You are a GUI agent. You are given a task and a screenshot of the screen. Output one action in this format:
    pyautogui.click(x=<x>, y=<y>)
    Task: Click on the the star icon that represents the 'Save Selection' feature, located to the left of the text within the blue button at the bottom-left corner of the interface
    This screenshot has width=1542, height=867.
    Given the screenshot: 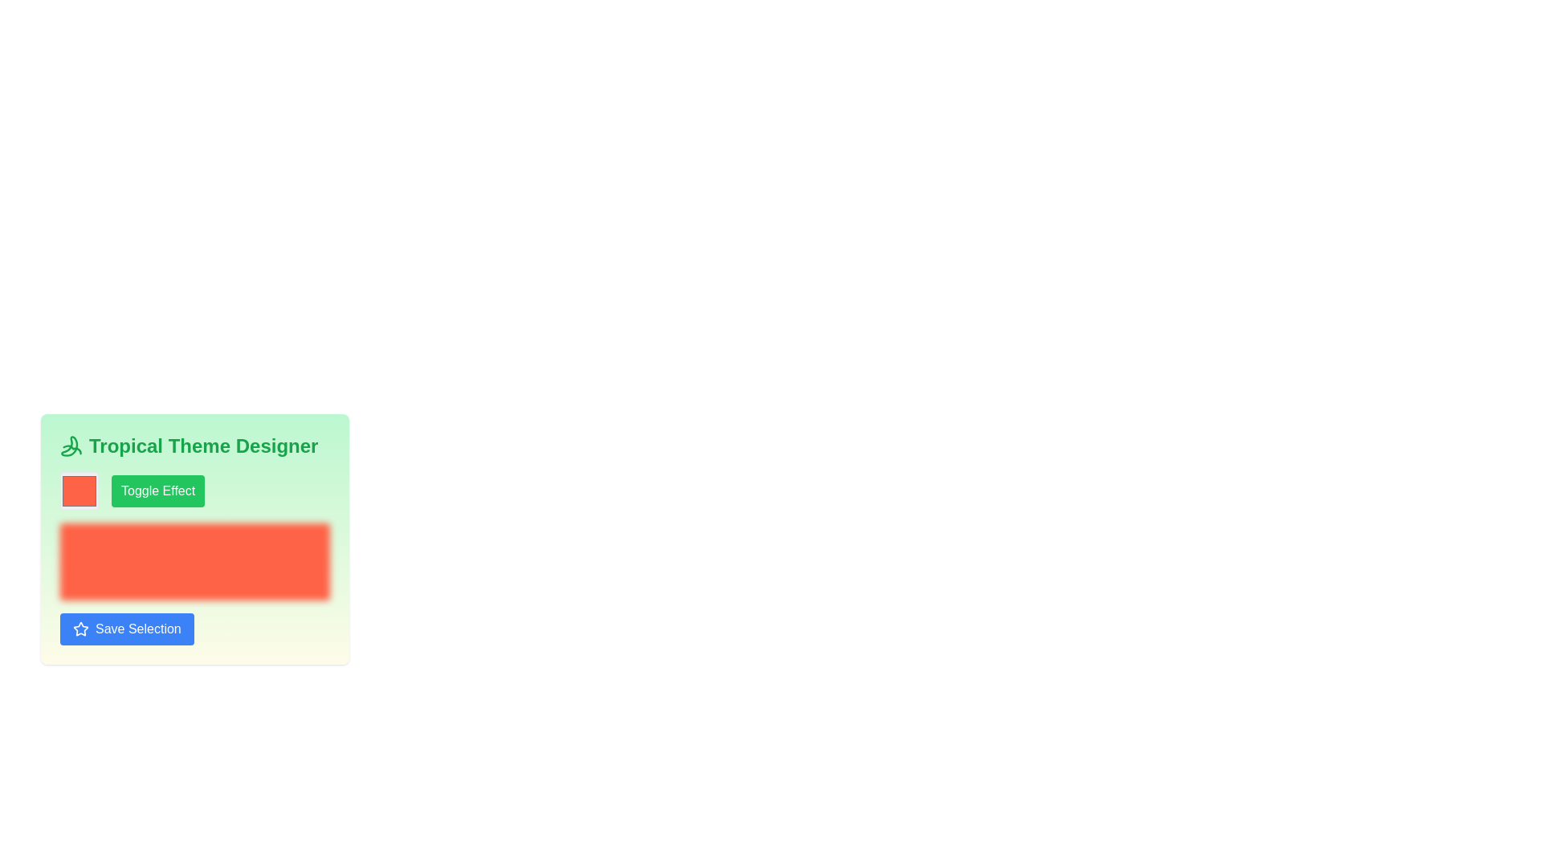 What is the action you would take?
    pyautogui.click(x=80, y=628)
    